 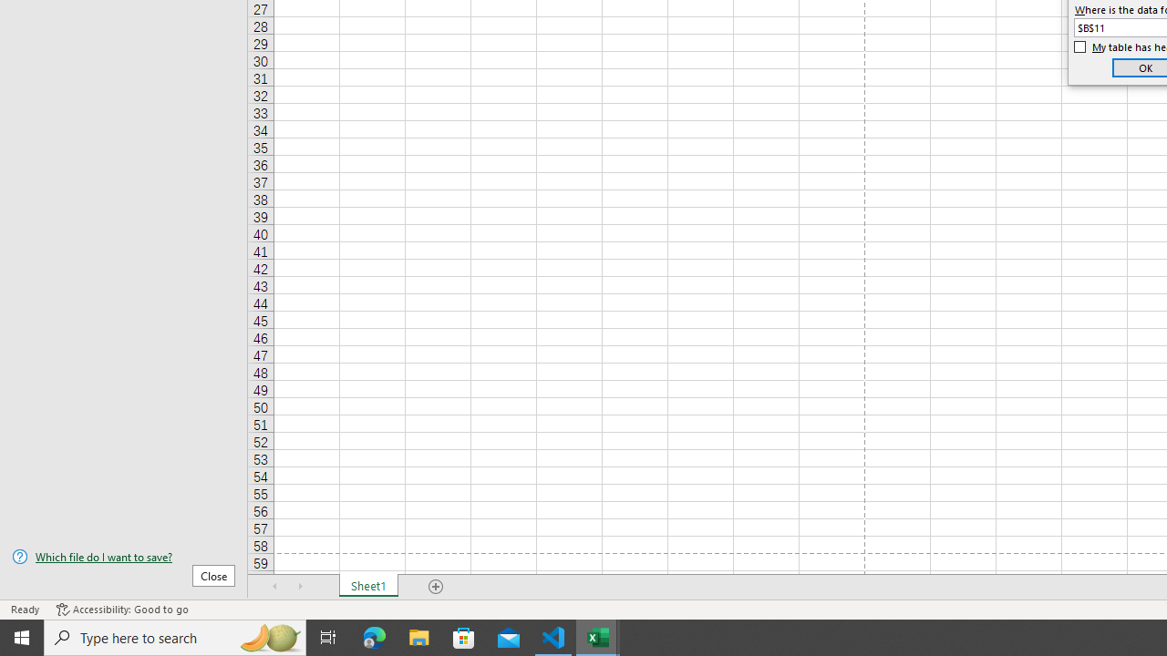 I want to click on 'Sheet1', so click(x=367, y=587).